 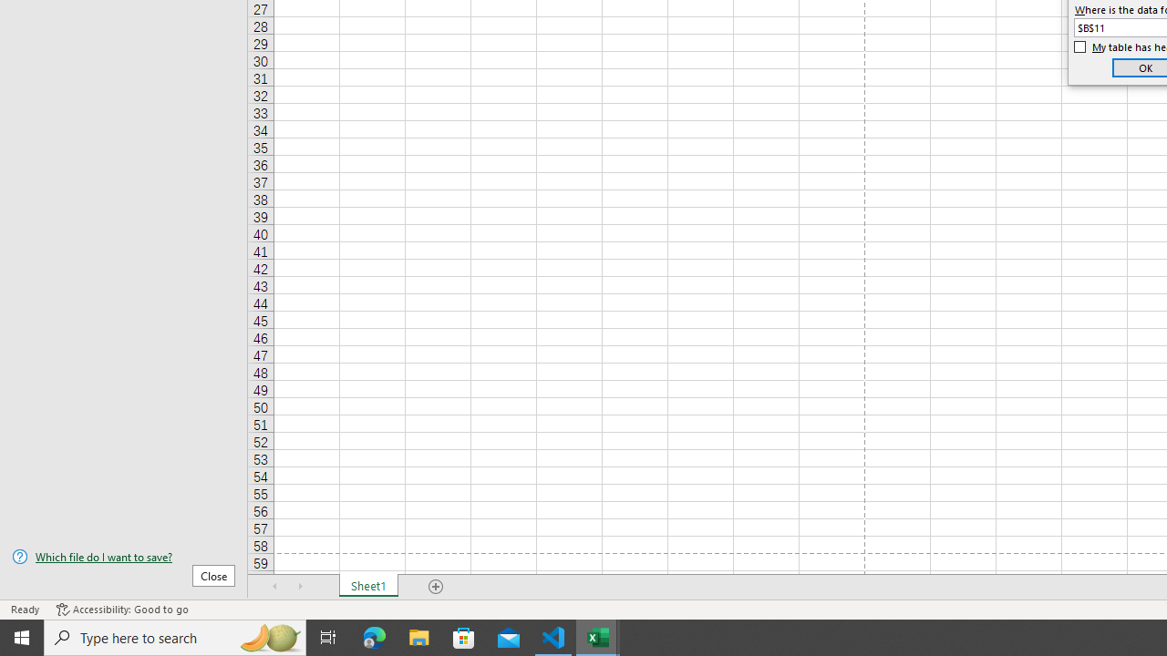 I want to click on 'Sheet1', so click(x=367, y=587).